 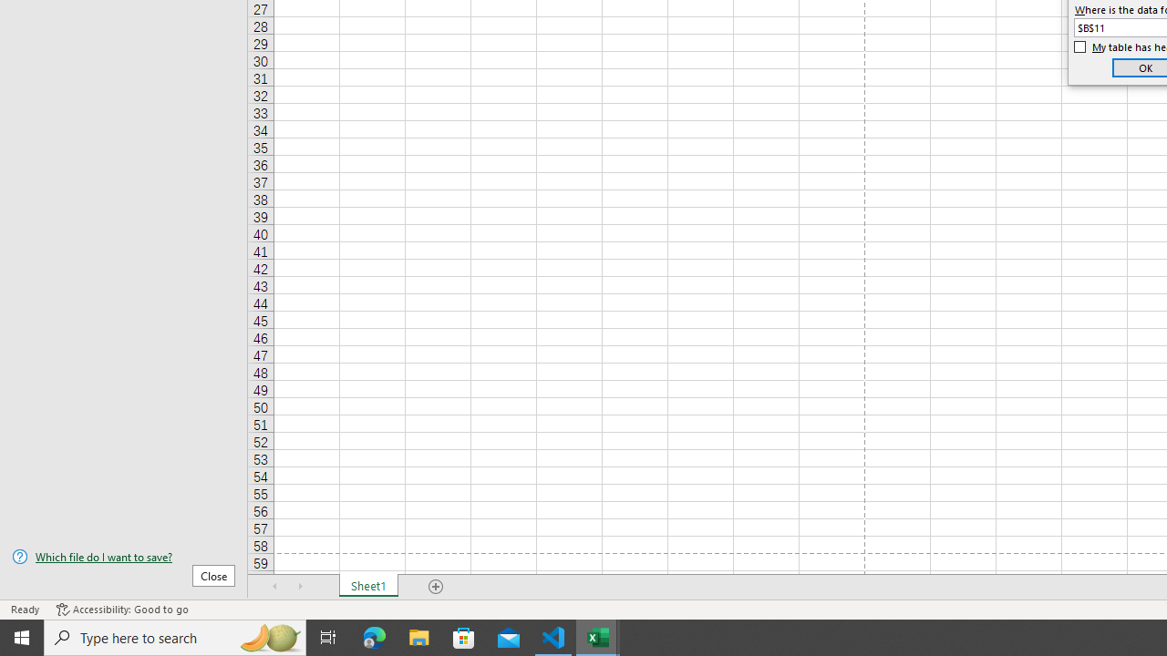 I want to click on 'Sheet1', so click(x=367, y=587).